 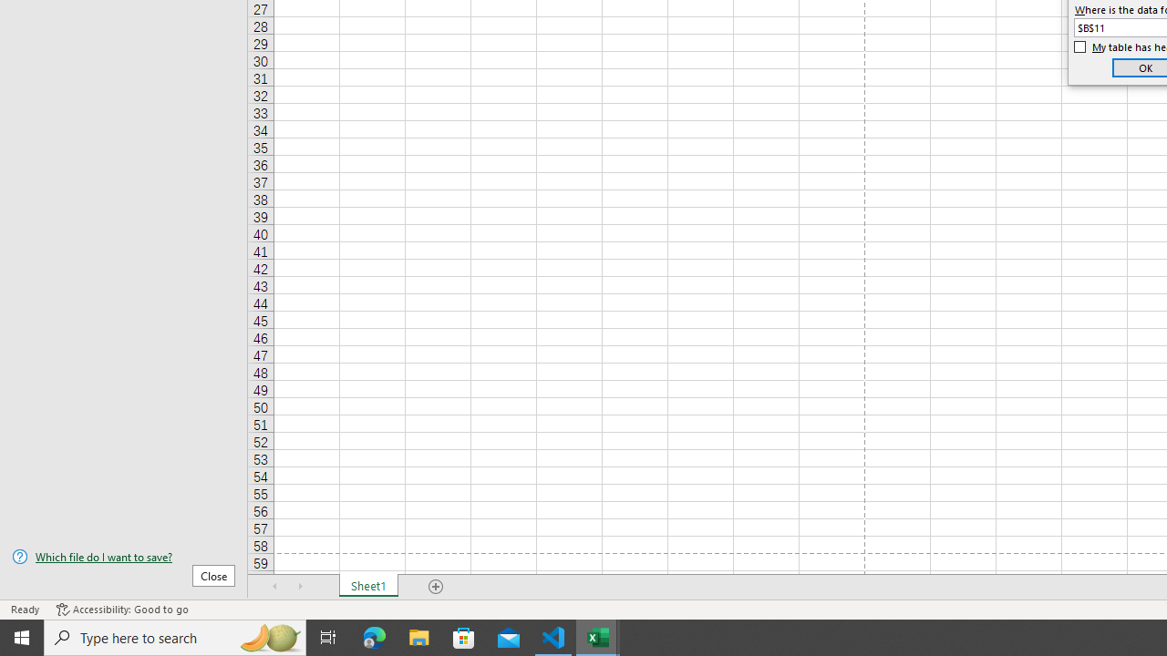 I want to click on 'Sheet1', so click(x=367, y=587).